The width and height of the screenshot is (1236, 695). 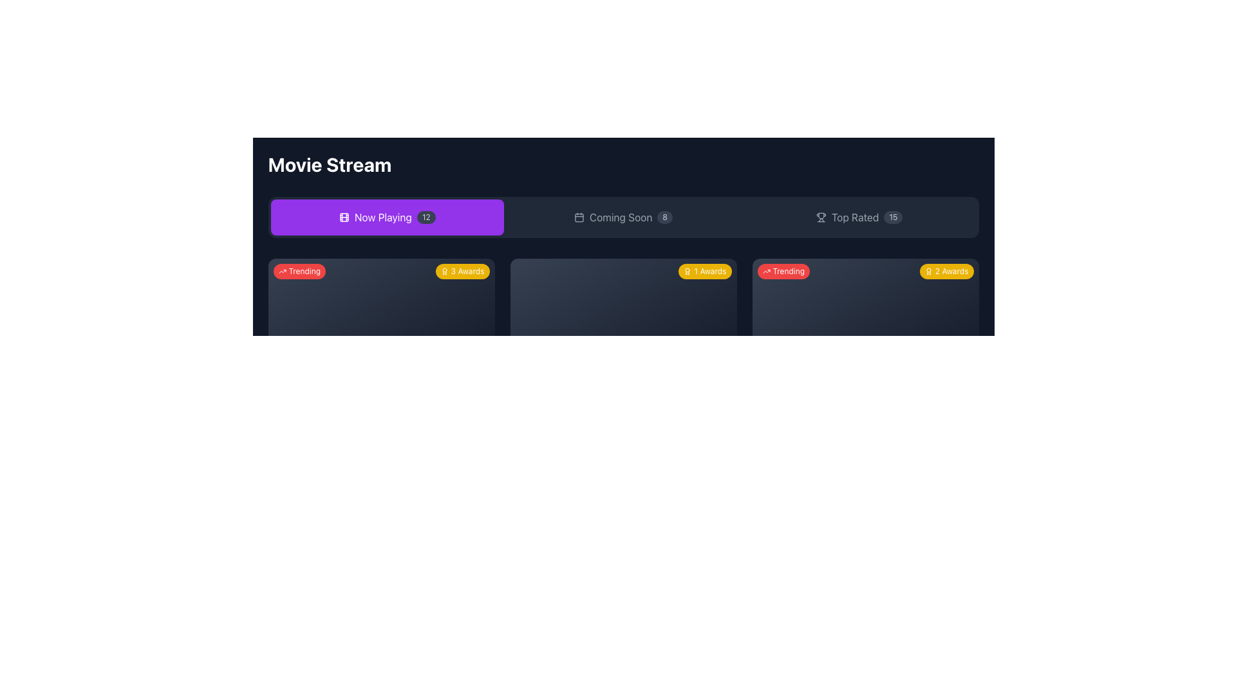 What do you see at coordinates (578, 217) in the screenshot?
I see `the calendar icon located in the navigation bar to the left of the 'Coming Soon' text` at bounding box center [578, 217].